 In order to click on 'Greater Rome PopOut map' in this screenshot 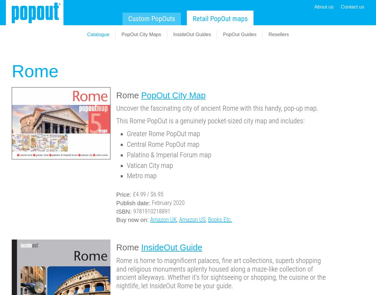, I will do `click(163, 133)`.